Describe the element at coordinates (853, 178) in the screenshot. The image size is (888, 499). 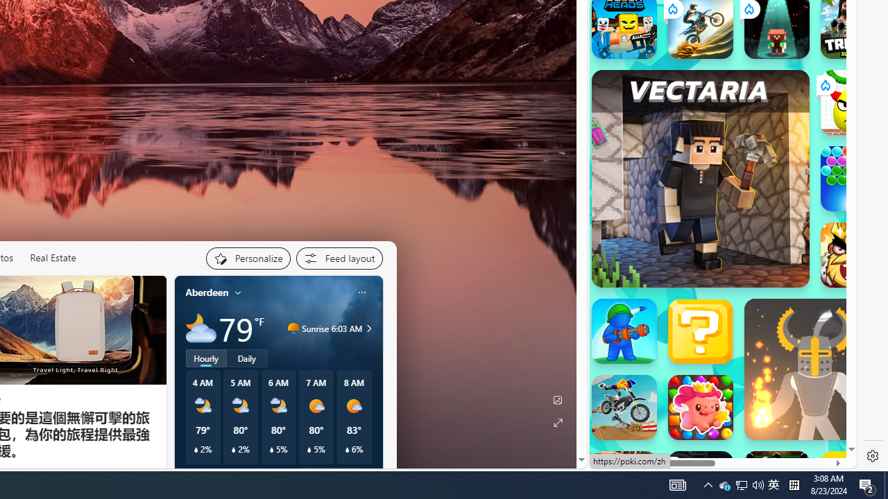
I see `'Bubble Shooter Bubble Shooter'` at that location.